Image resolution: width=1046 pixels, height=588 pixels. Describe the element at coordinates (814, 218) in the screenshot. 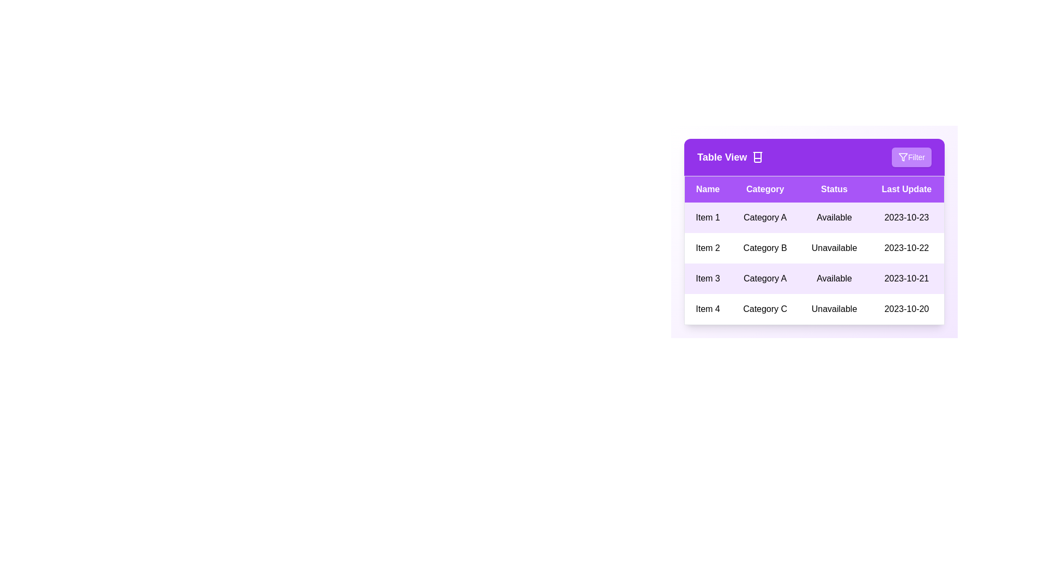

I see `the row corresponding to 1` at that location.